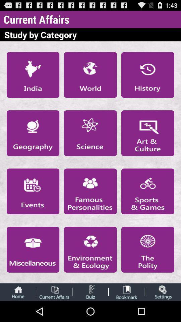  Describe the element at coordinates (148, 133) in the screenshot. I see `art culture category` at that location.